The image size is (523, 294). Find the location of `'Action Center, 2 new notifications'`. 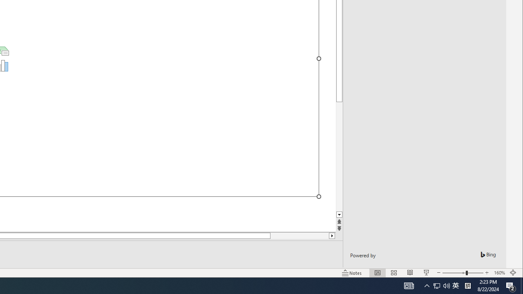

'Action Center, 2 new notifications' is located at coordinates (511, 285).